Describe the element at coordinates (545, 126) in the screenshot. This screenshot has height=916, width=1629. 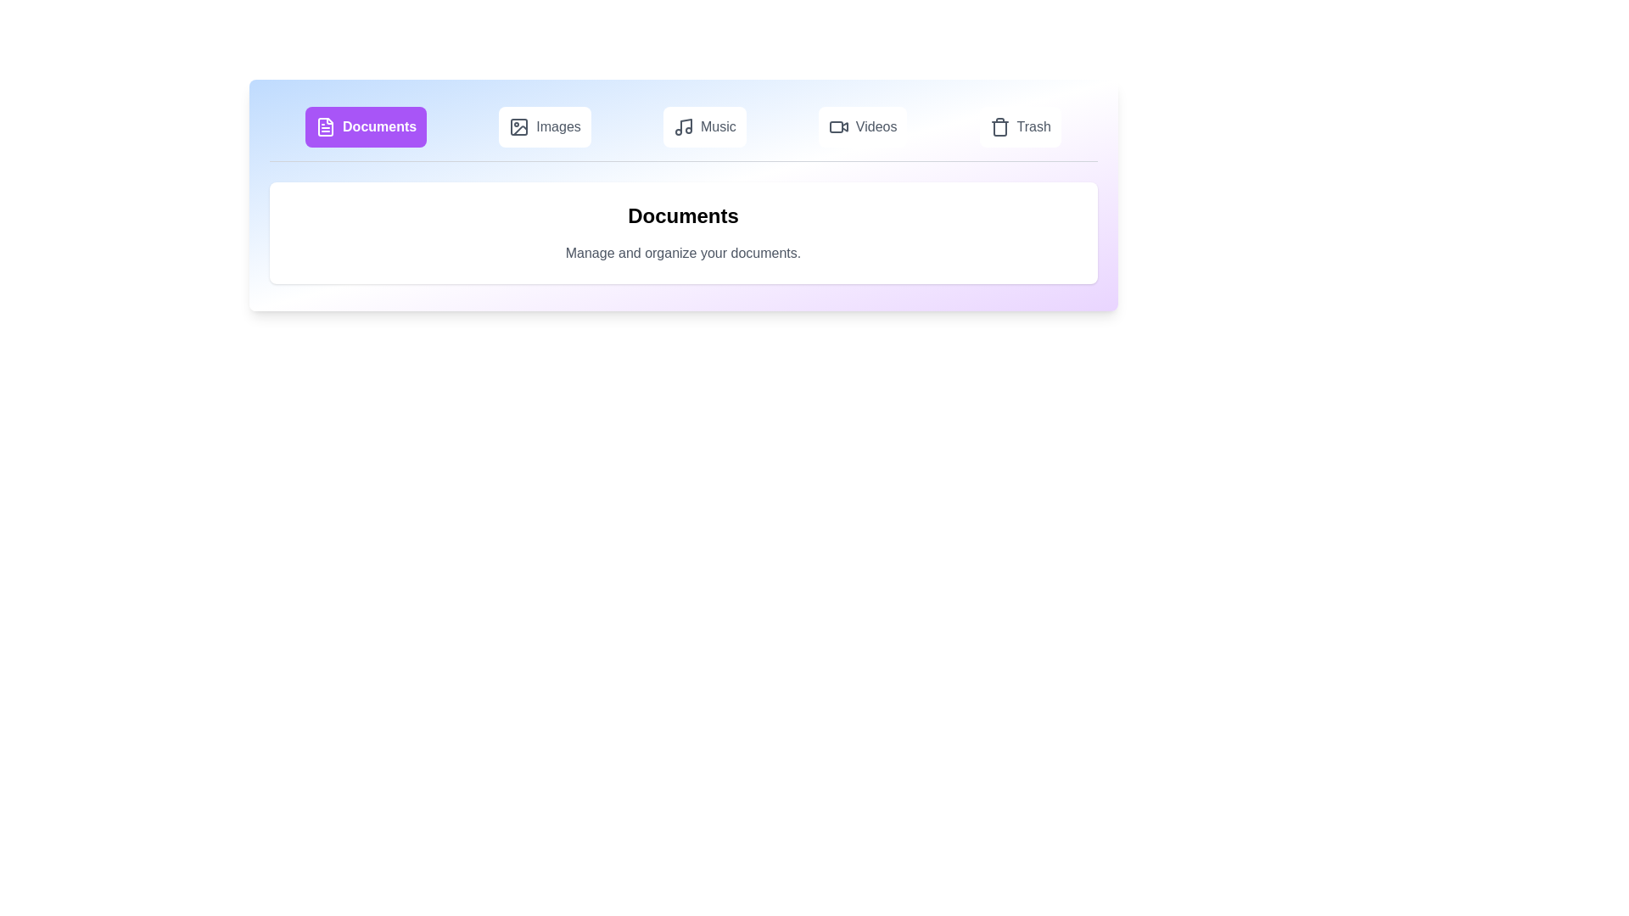
I see `the Images tab to view its contents` at that location.